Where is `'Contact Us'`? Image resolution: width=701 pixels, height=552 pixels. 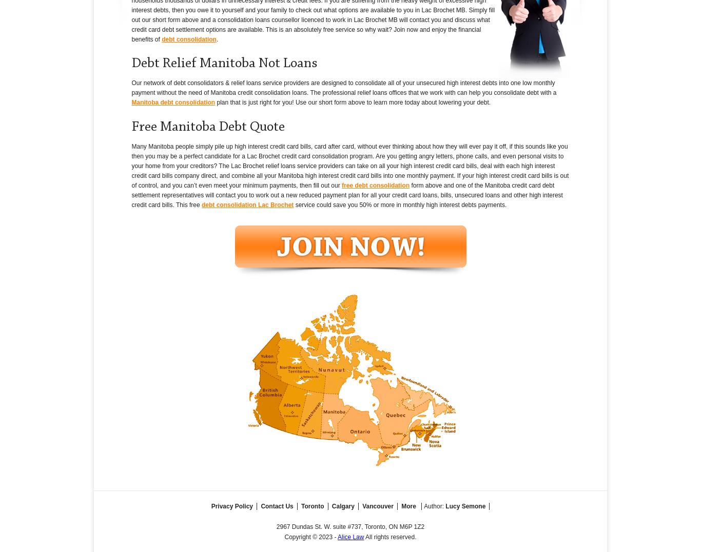 'Contact Us' is located at coordinates (277, 505).